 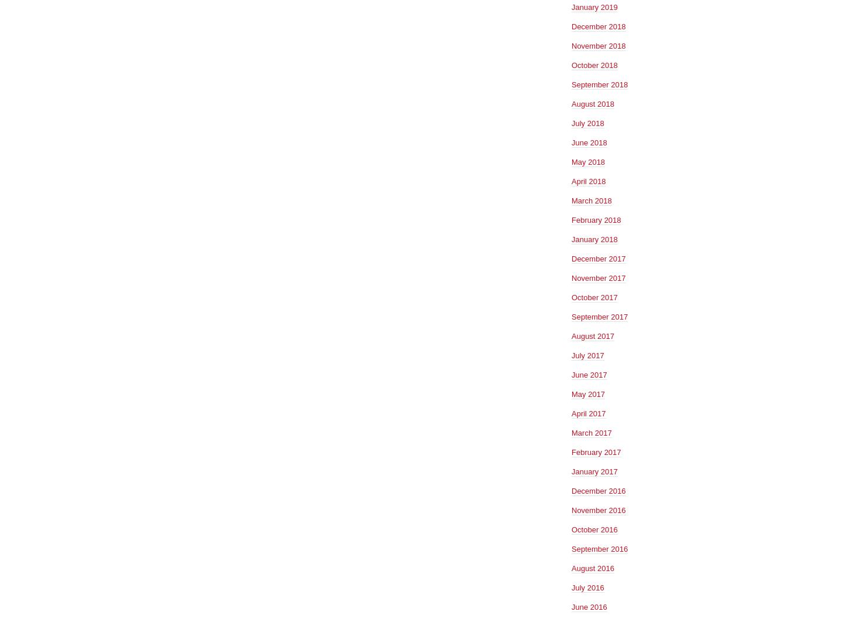 What do you see at coordinates (589, 606) in the screenshot?
I see `'June 2016'` at bounding box center [589, 606].